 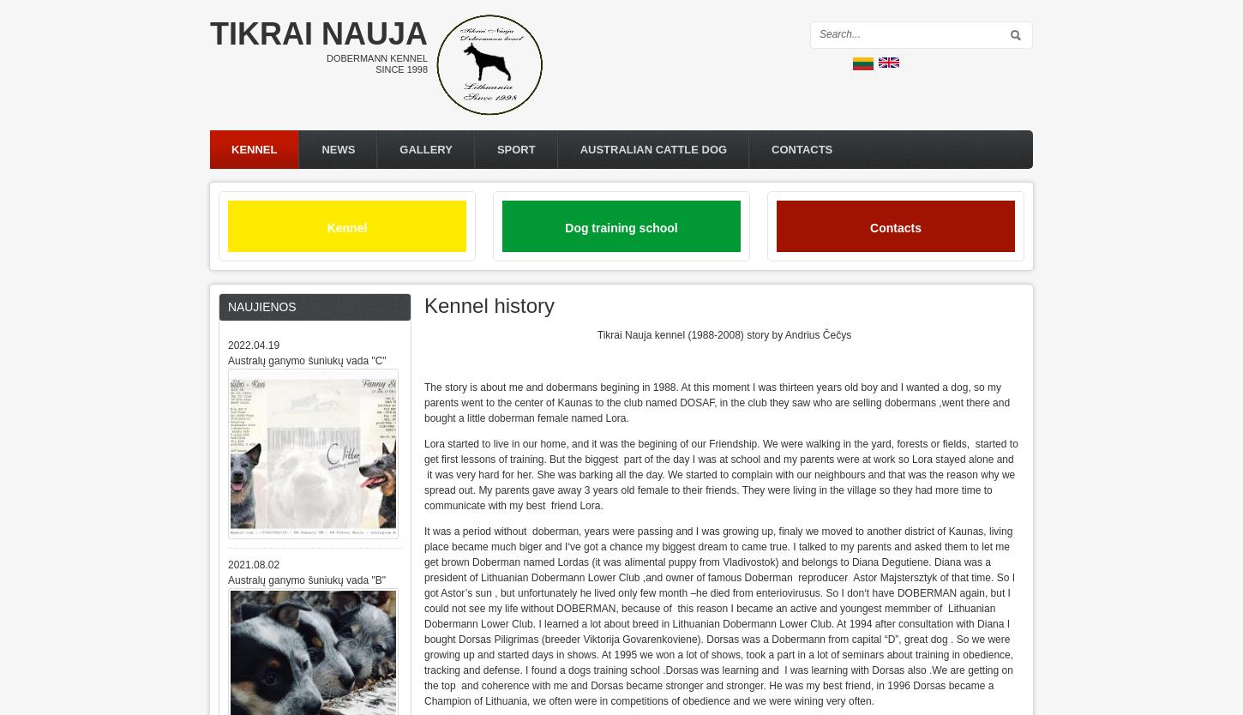 What do you see at coordinates (895, 226) in the screenshot?
I see `'Contacts'` at bounding box center [895, 226].